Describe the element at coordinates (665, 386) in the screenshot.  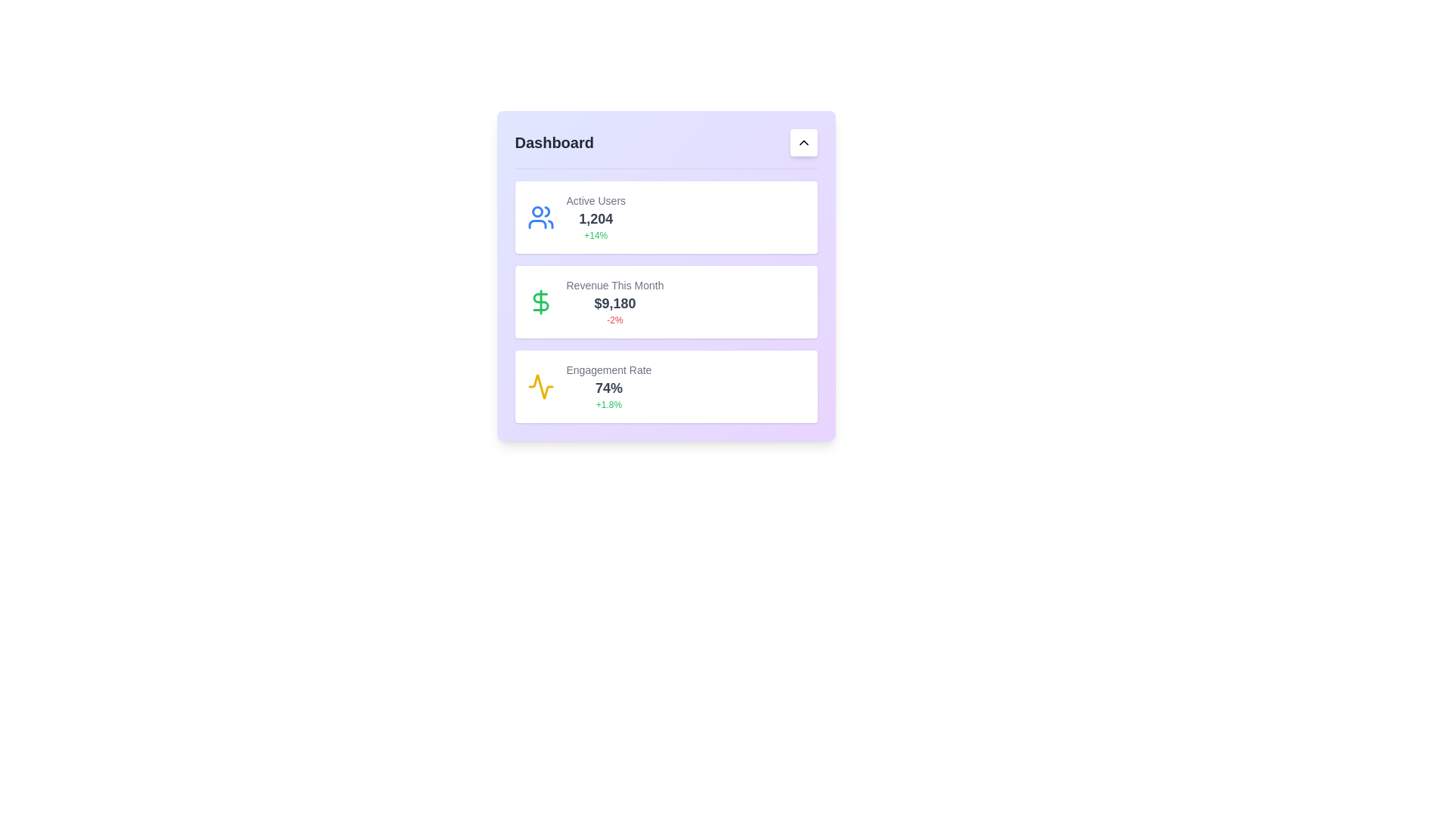
I see `the third statistical card displaying the engagement rate in the dashboard interface` at that location.